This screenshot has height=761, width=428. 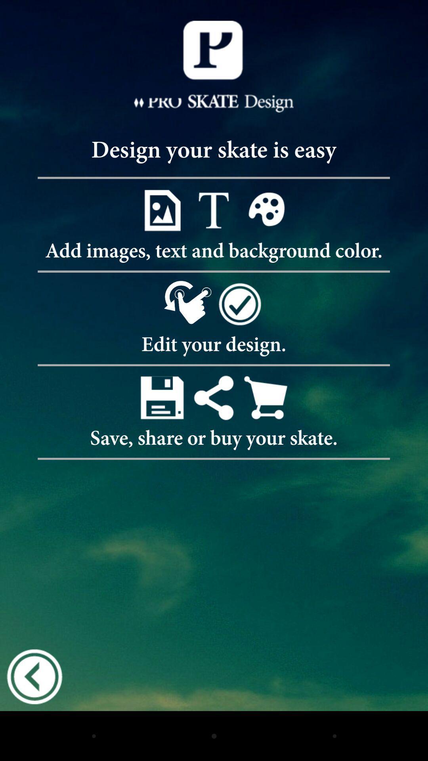 What do you see at coordinates (34, 724) in the screenshot?
I see `the arrow_backward icon` at bounding box center [34, 724].